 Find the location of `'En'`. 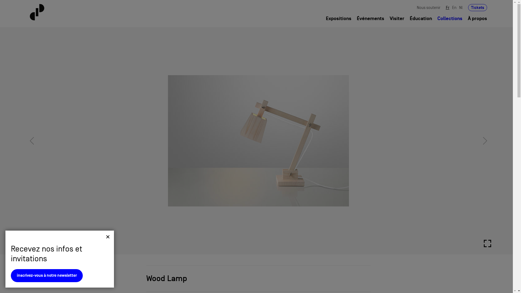

'En' is located at coordinates (454, 7).